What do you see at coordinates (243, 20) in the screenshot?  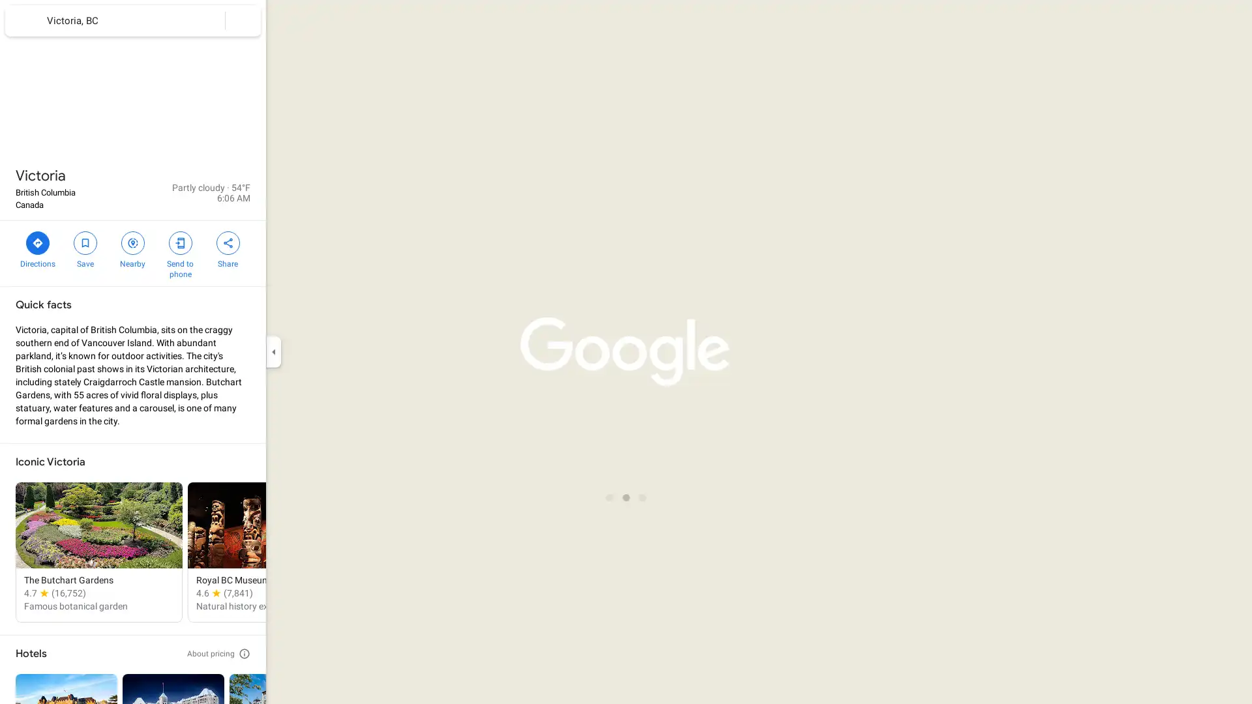 I see `Clear search` at bounding box center [243, 20].